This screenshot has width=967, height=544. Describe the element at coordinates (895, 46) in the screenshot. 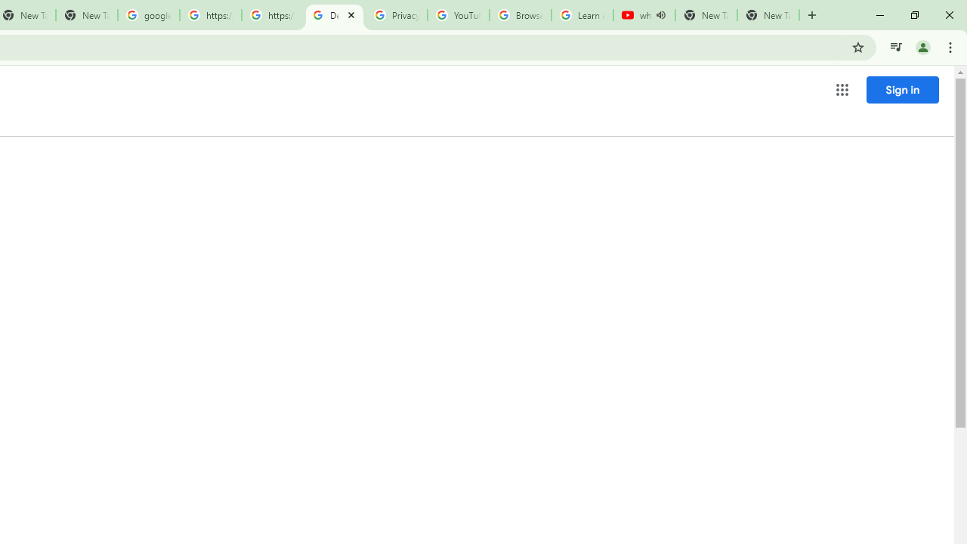

I see `'Control your music, videos, and more'` at that location.